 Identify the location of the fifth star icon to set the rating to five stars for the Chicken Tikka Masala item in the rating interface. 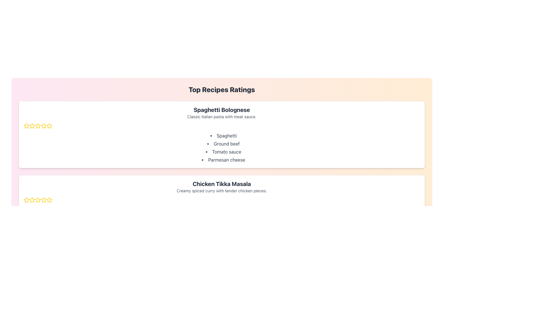
(49, 200).